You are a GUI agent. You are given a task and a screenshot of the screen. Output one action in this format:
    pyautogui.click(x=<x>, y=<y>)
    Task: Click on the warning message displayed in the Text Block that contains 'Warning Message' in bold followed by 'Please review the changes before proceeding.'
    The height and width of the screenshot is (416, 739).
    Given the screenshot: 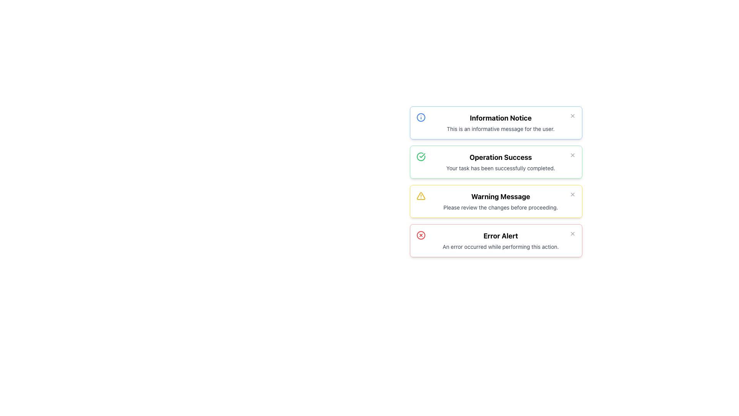 What is the action you would take?
    pyautogui.click(x=500, y=201)
    